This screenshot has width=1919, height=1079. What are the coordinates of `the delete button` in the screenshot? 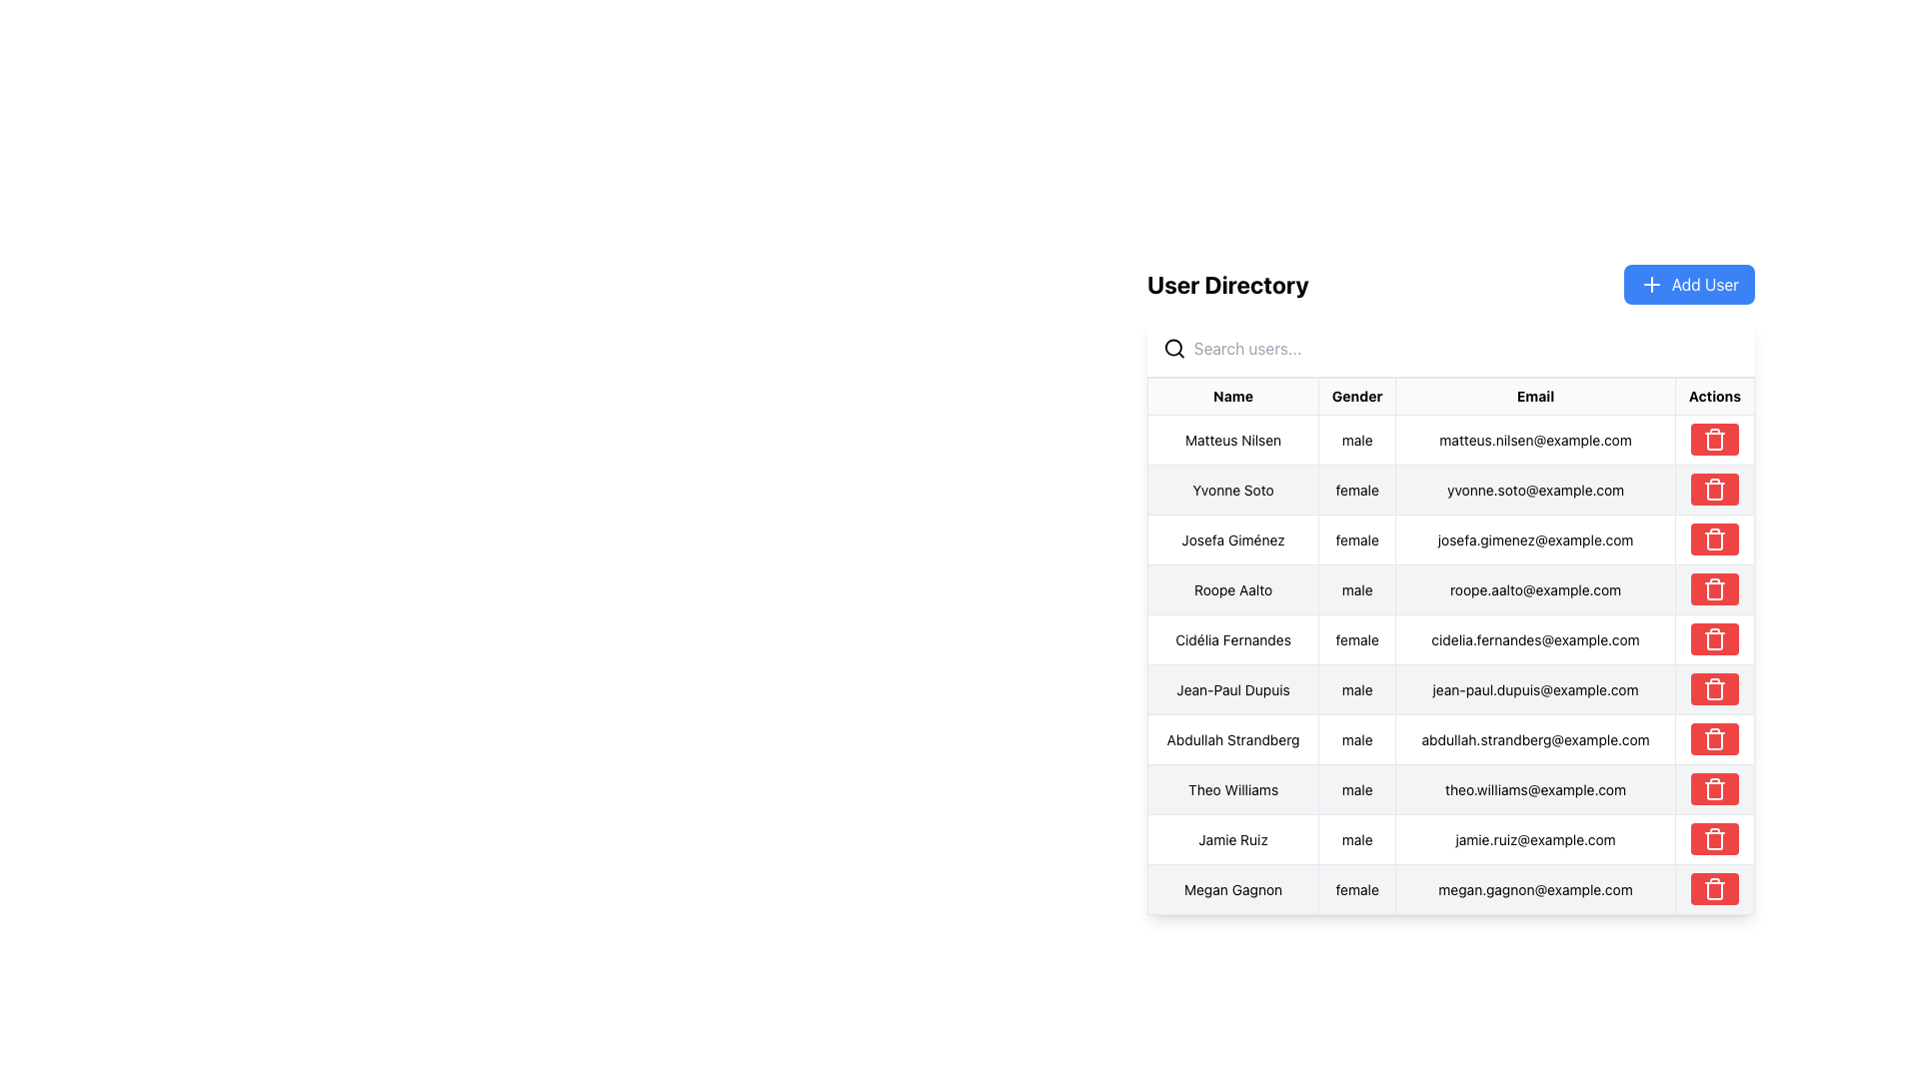 It's located at (1713, 788).